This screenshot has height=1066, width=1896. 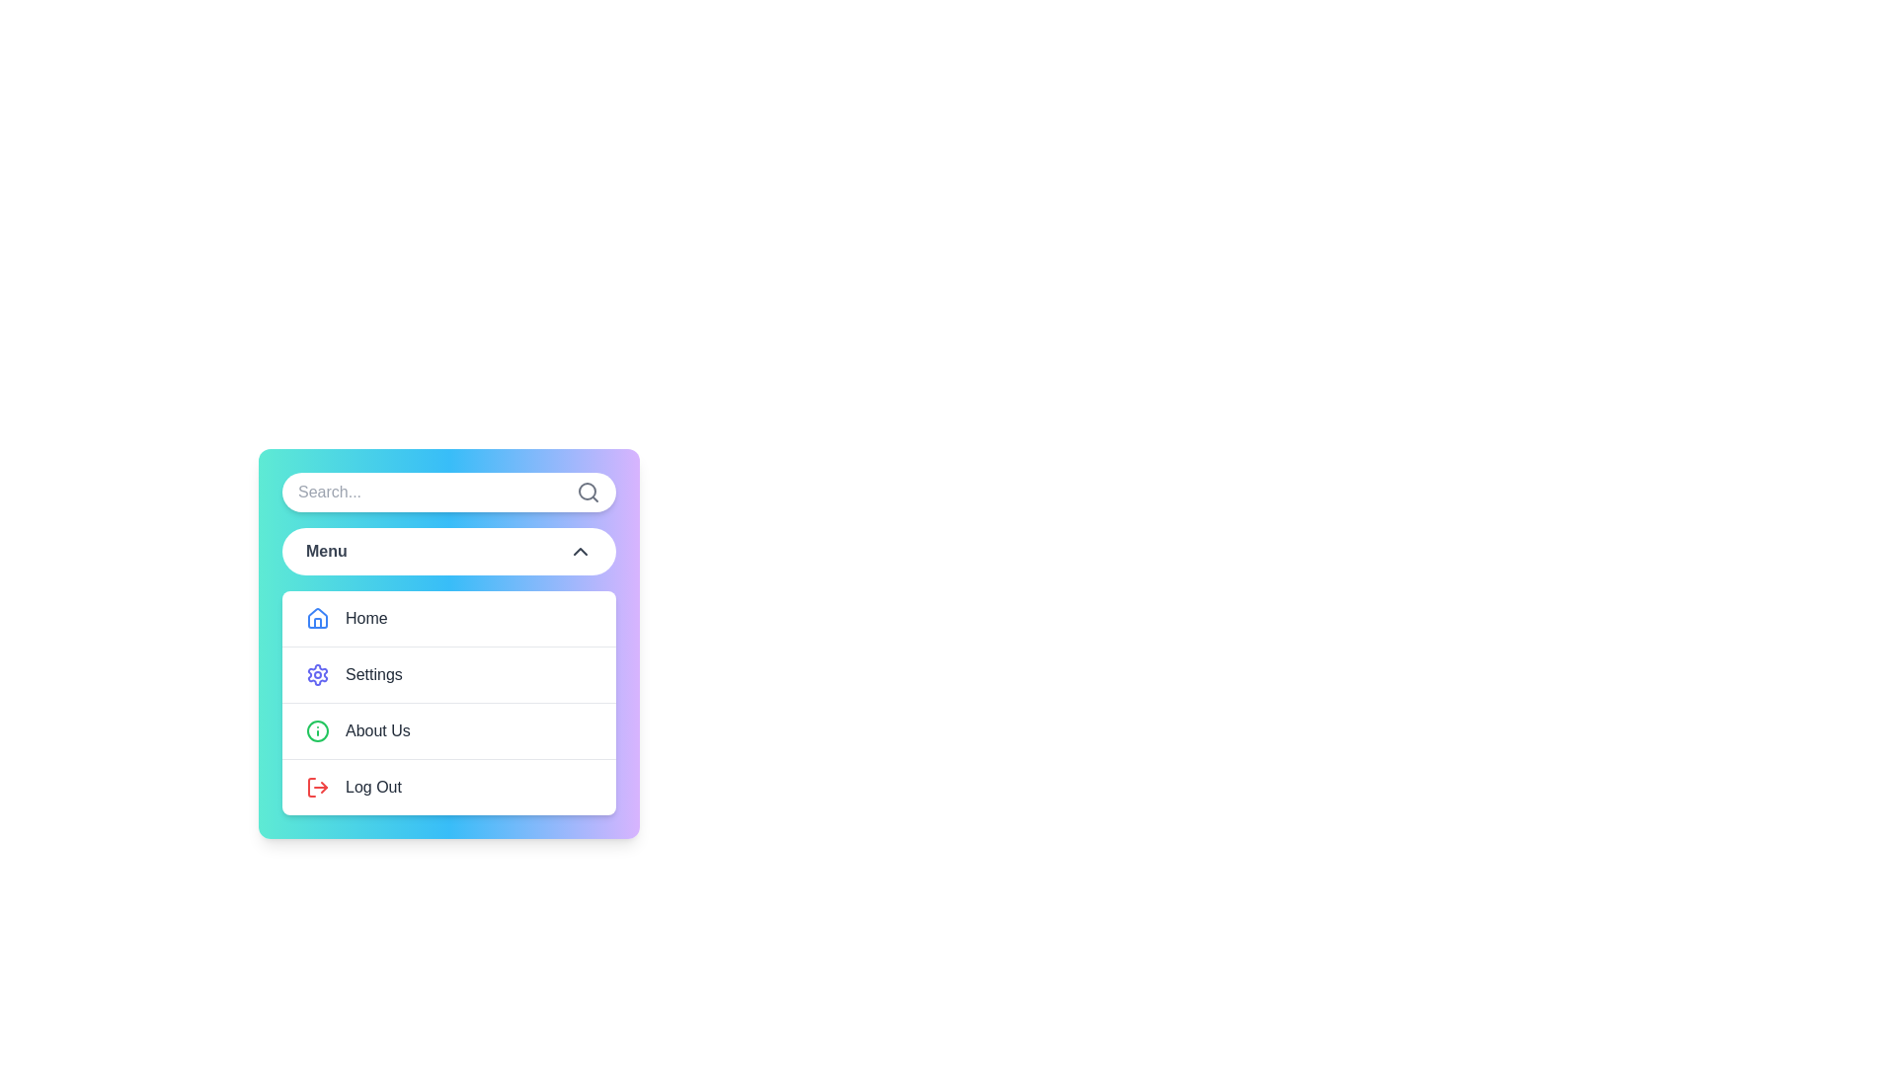 What do you see at coordinates (317, 673) in the screenshot?
I see `the gear-like icon styled in blueish-purple color located in the sidebar menu, adjacent to the 'Settings' text` at bounding box center [317, 673].